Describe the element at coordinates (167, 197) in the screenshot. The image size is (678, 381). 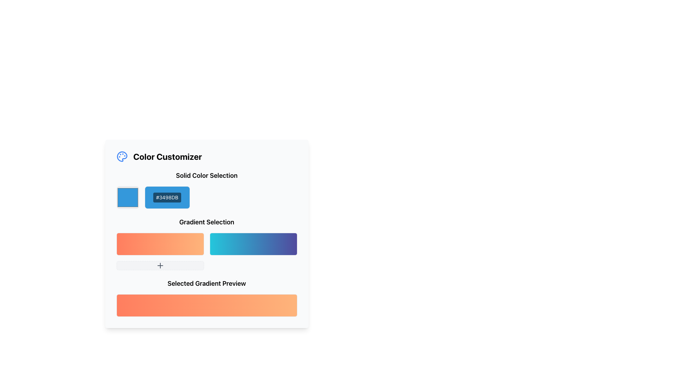
I see `the rectangular button-like component with a blue background and the text '#3498DB' in white color, located under the 'Solid Color Selection' heading` at that location.